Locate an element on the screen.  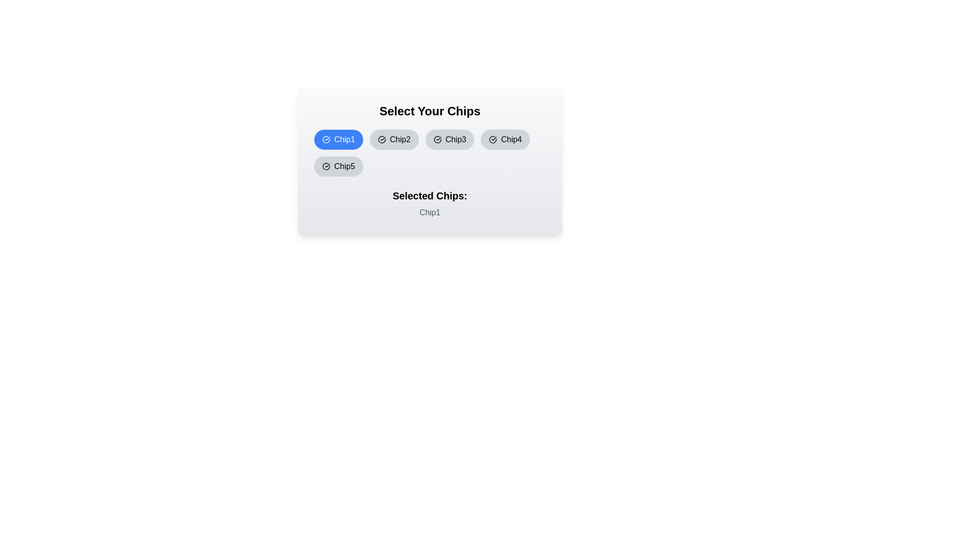
the chip labeled Chip1 by clicking on it is located at coordinates (338, 140).